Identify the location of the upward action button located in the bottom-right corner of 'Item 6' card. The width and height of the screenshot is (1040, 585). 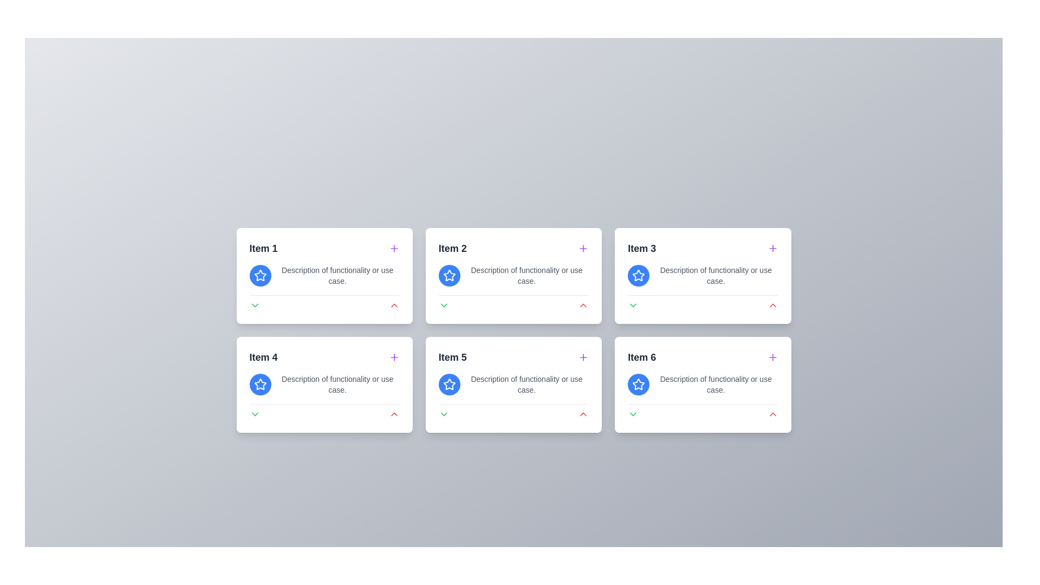
(772, 414).